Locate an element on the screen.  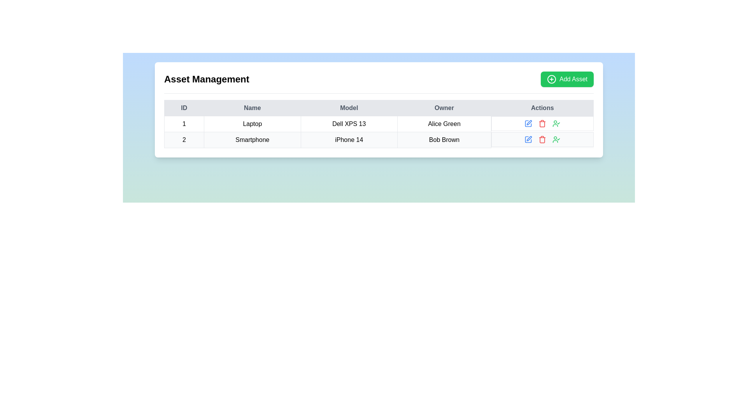
the Inline action button group in the Actions column of the first row in the table is located at coordinates (542, 123).